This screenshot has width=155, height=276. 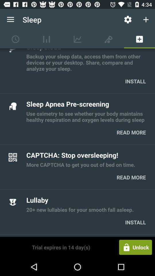 I want to click on the third icon in the row shown below sleep, so click(x=77, y=39).